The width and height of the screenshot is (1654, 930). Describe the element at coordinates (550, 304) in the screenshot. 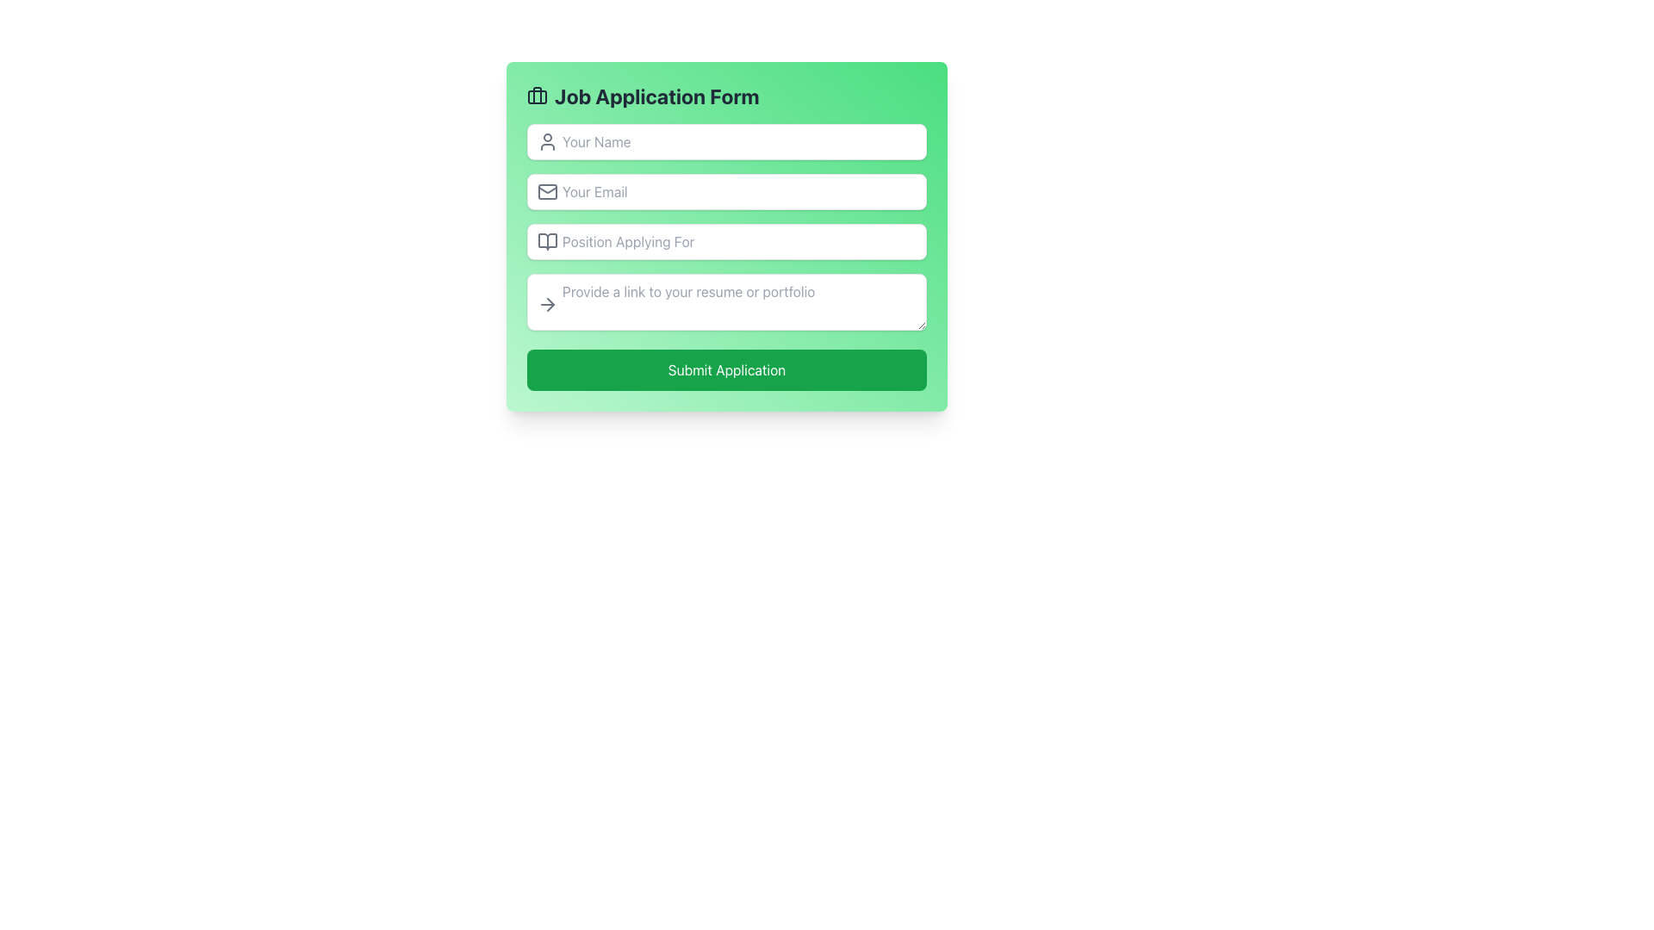

I see `the directional visual indicator icon located near the top-left of the form, aligned with the 'Provide a link to your resume or portfolio' input field` at that location.